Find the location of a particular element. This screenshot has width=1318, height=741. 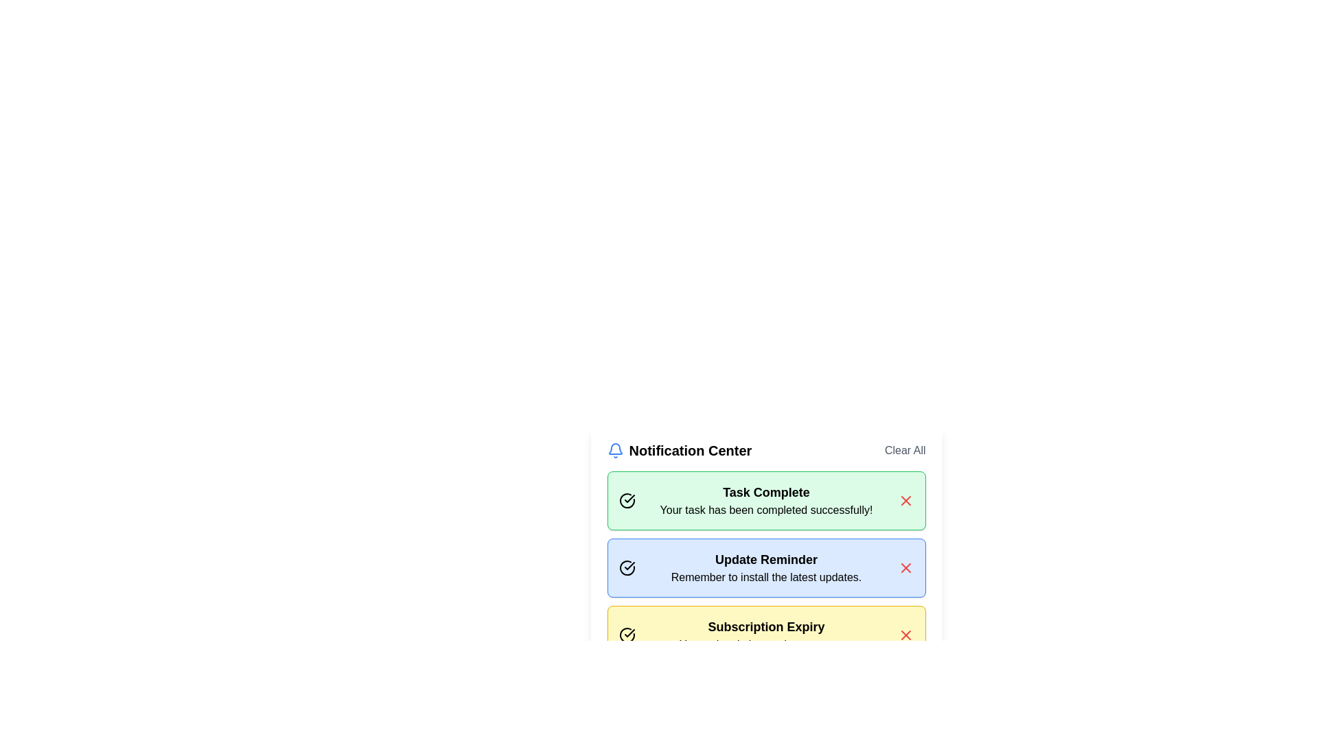

the dismiss button located in the bottom-right corner of the notification card that indicates 'Subscription Expiry' is located at coordinates (905, 635).